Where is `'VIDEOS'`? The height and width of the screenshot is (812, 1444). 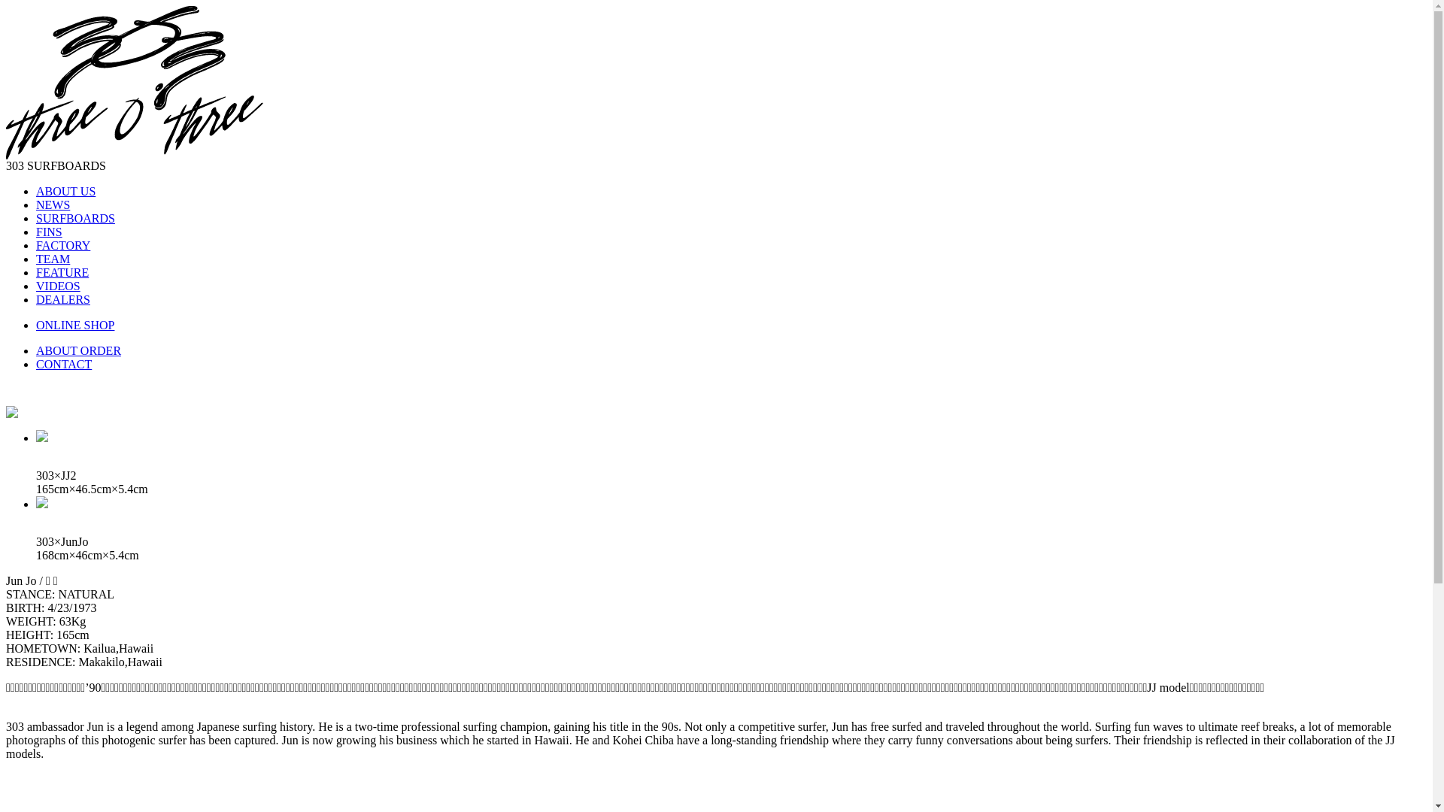 'VIDEOS' is located at coordinates (36, 286).